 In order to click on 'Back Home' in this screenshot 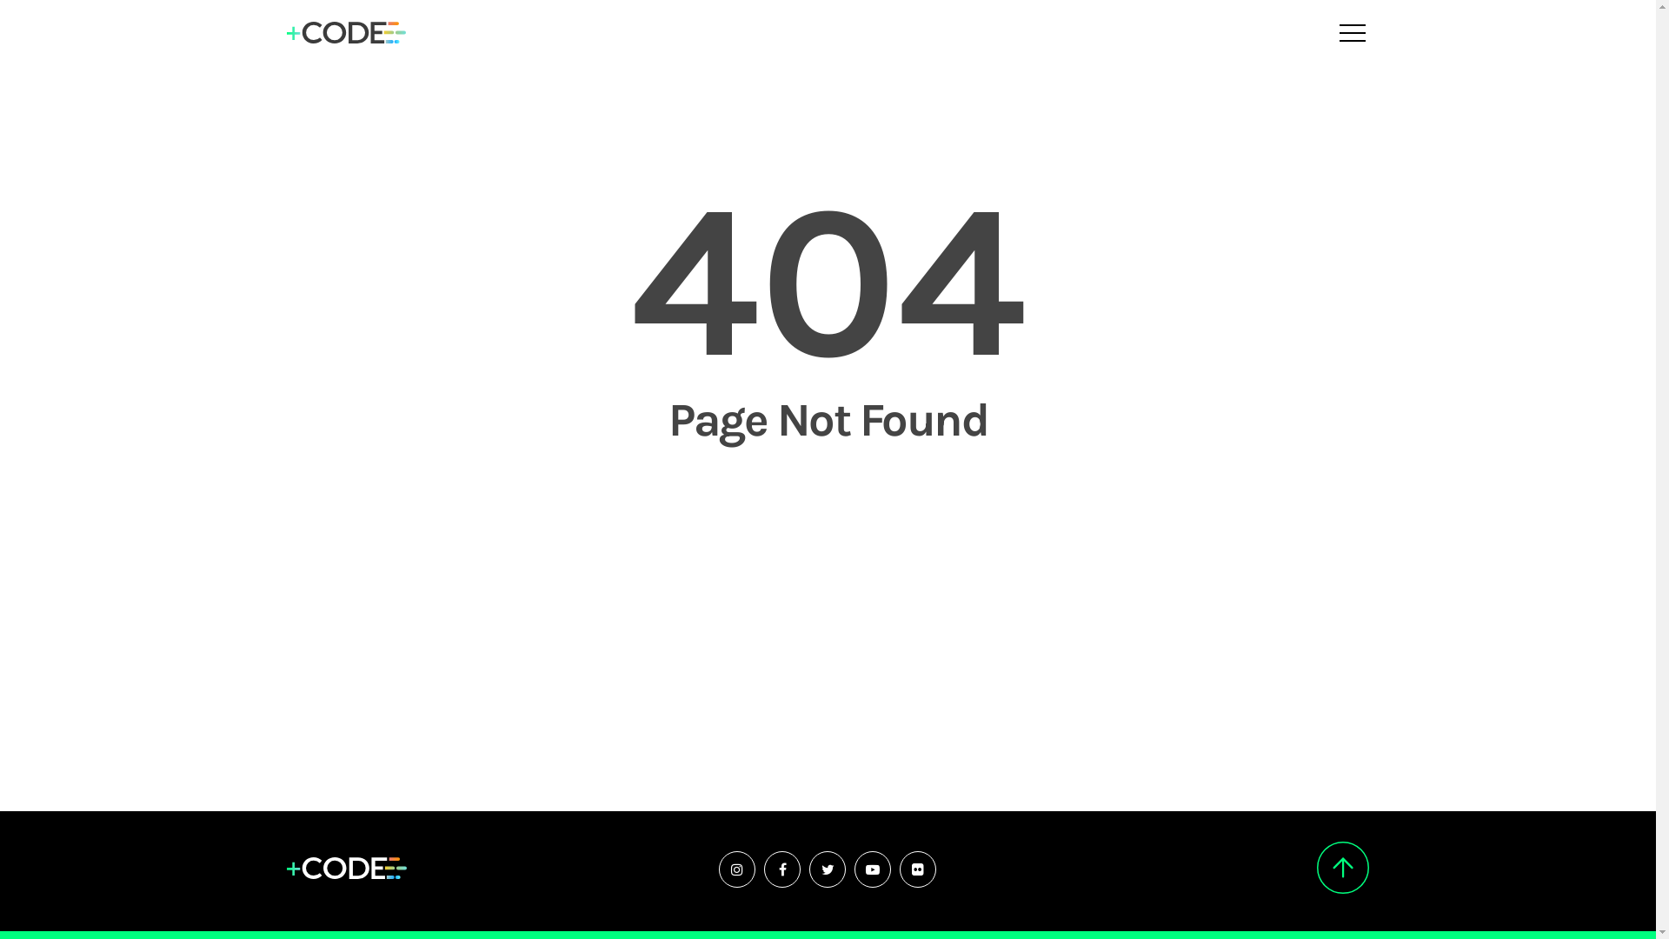, I will do `click(828, 512)`.